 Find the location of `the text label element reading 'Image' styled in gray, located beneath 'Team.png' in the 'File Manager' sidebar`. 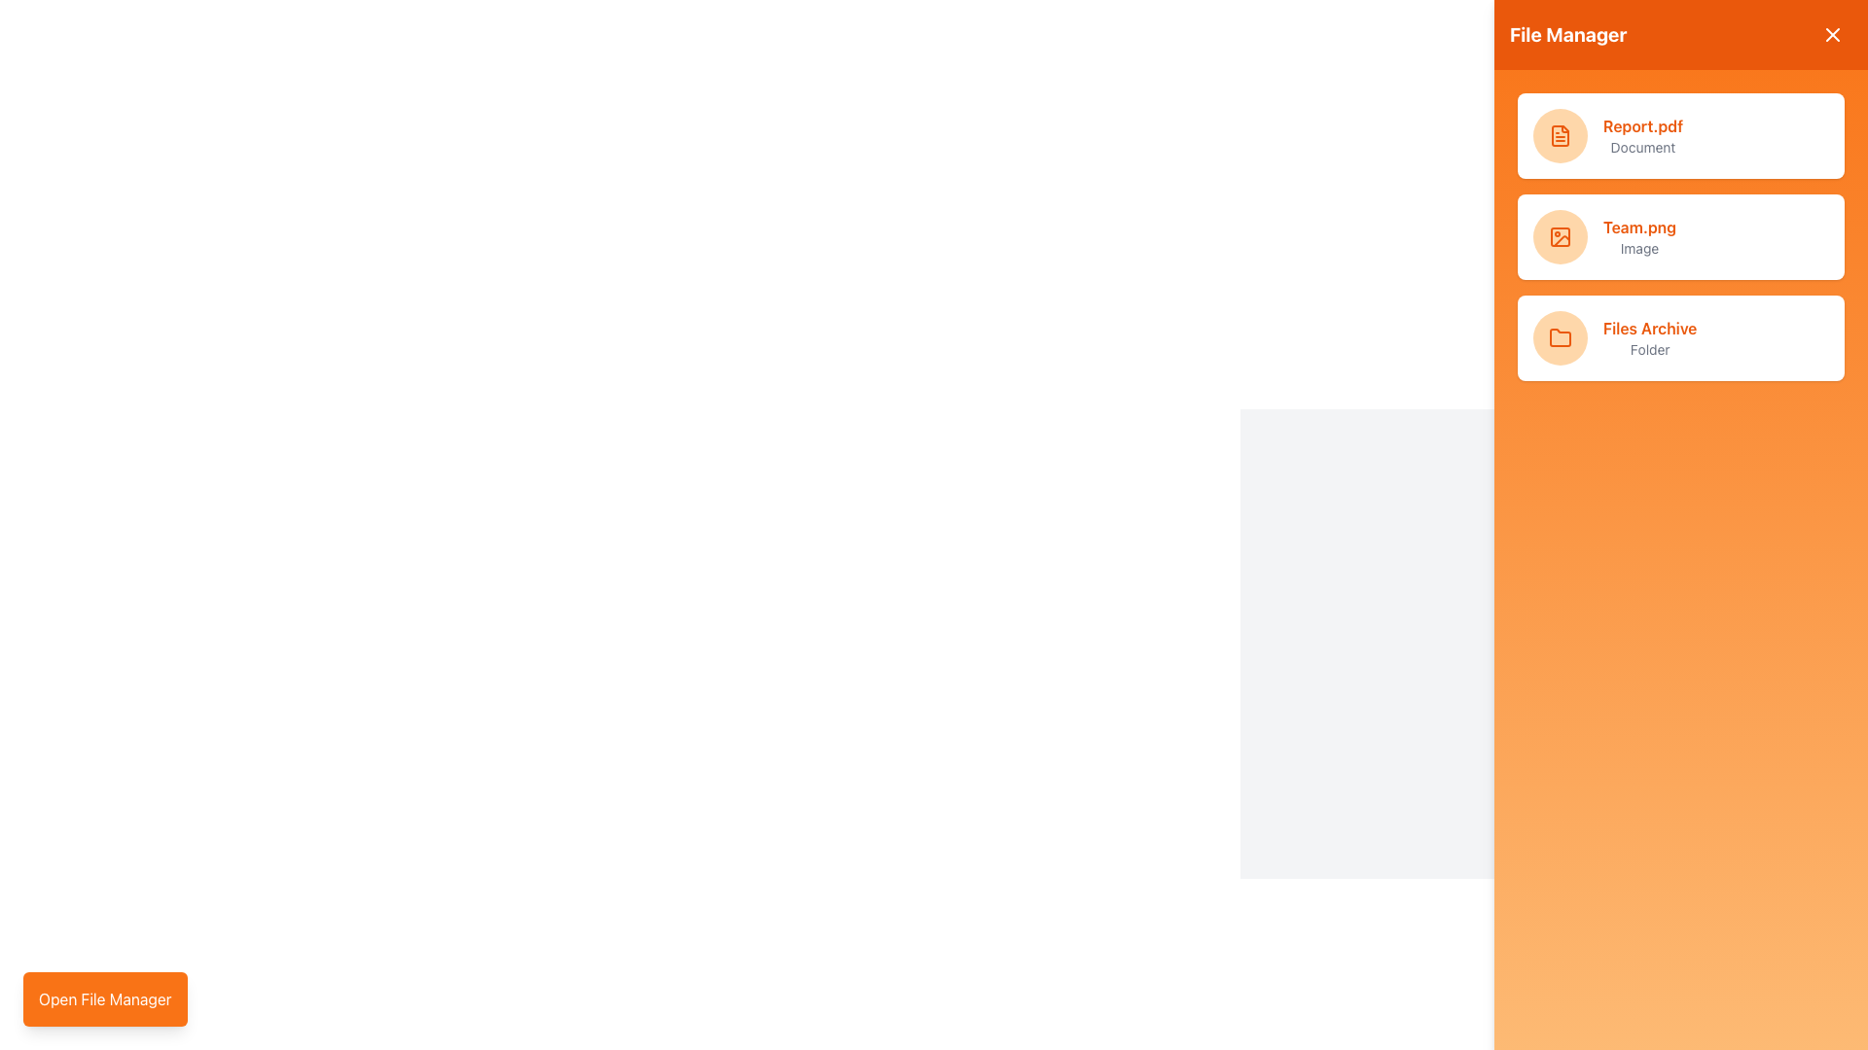

the text label element reading 'Image' styled in gray, located beneath 'Team.png' in the 'File Manager' sidebar is located at coordinates (1638, 247).